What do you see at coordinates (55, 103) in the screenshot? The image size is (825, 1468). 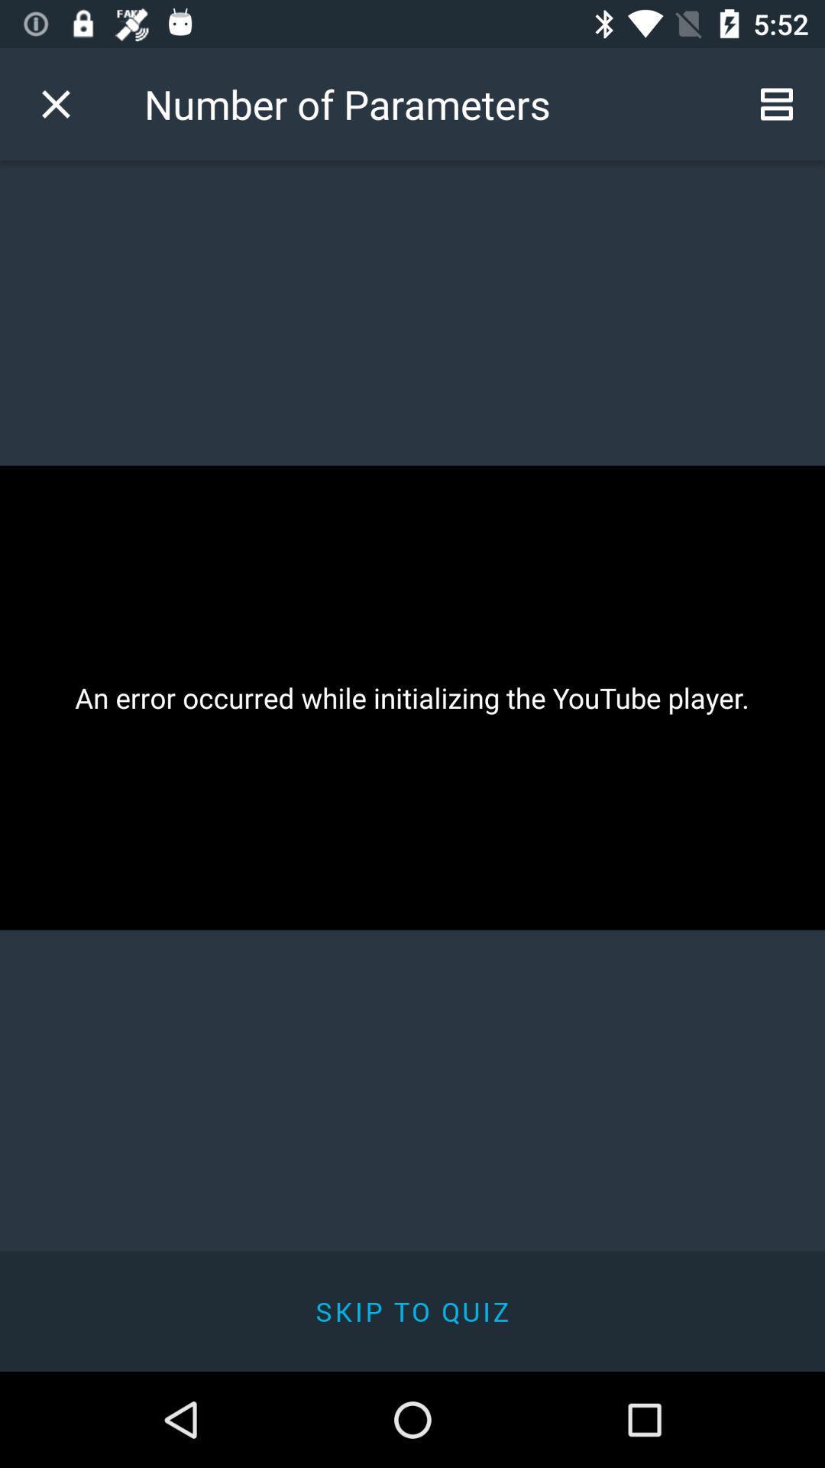 I see `icon to the left of number of parameters item` at bounding box center [55, 103].